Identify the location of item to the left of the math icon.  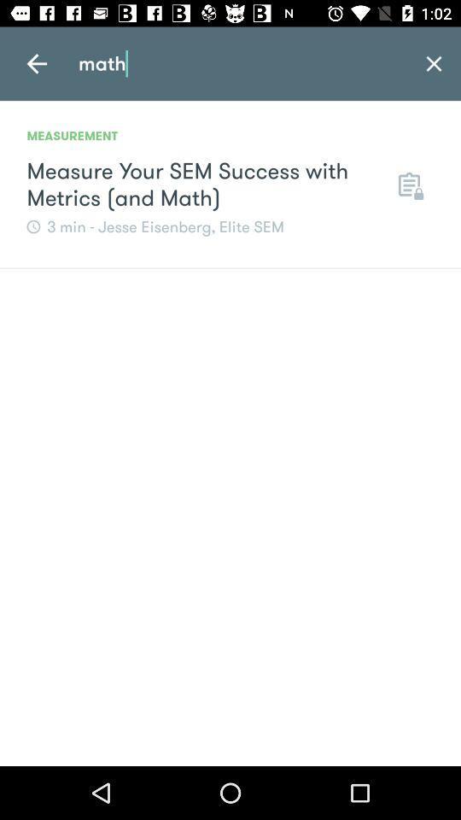
(37, 63).